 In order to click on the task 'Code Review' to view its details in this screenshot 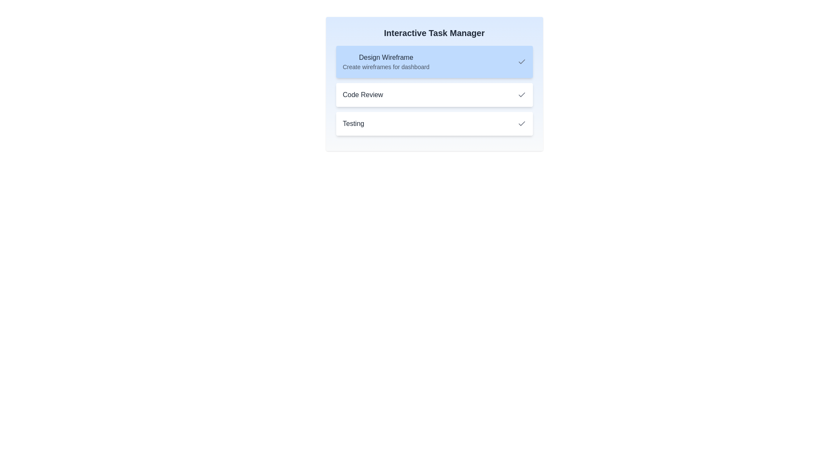, I will do `click(434, 95)`.